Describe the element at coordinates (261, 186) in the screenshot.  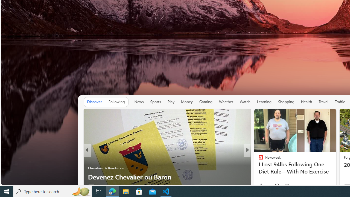
I see `'42 Like'` at that location.